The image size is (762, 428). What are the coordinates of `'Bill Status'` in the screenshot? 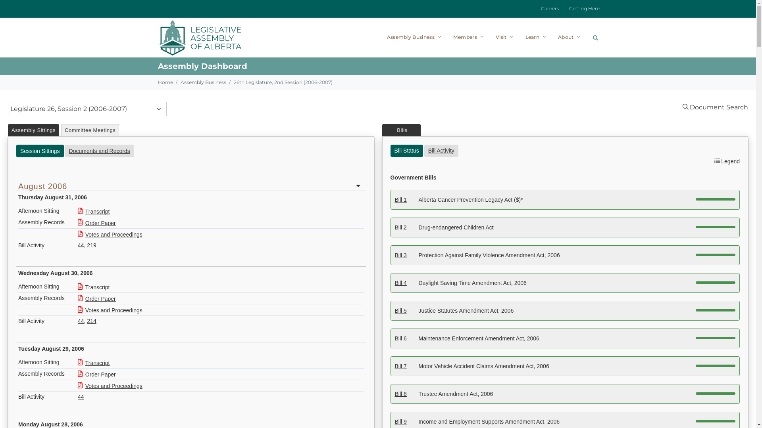 It's located at (407, 150).